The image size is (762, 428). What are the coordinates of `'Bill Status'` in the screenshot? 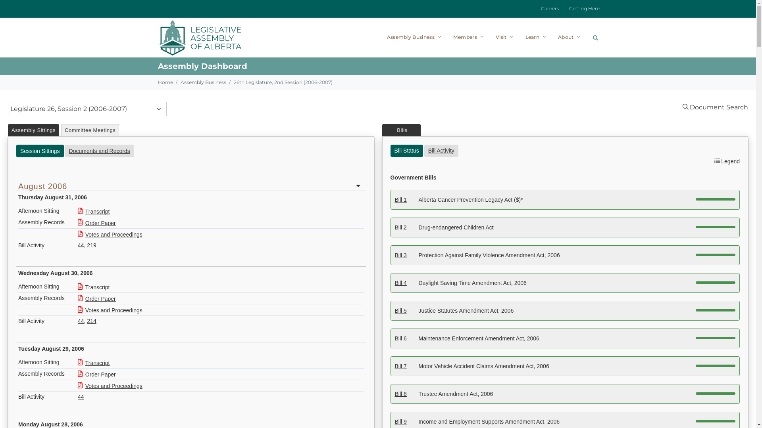 It's located at (407, 150).